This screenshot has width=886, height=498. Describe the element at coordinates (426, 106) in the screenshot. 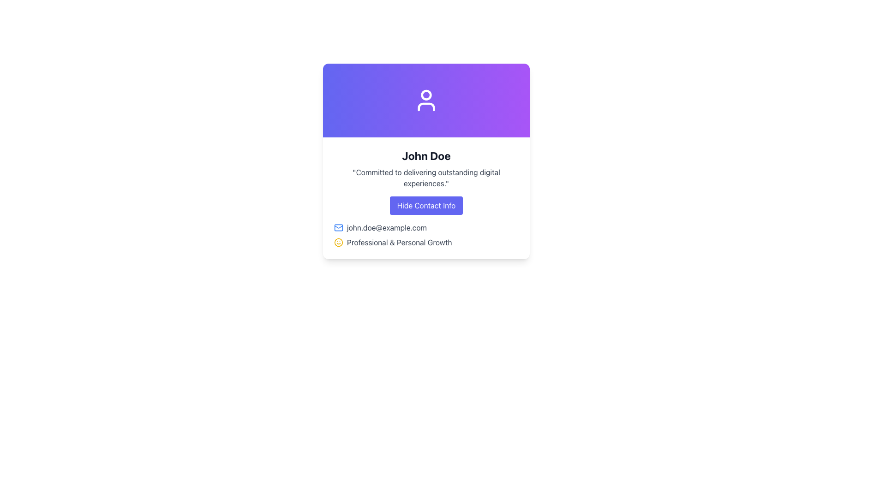

I see `the shoulders and chest portion of the user avatar icon, which is situated below the circular head portion at the top center of the profile card` at that location.